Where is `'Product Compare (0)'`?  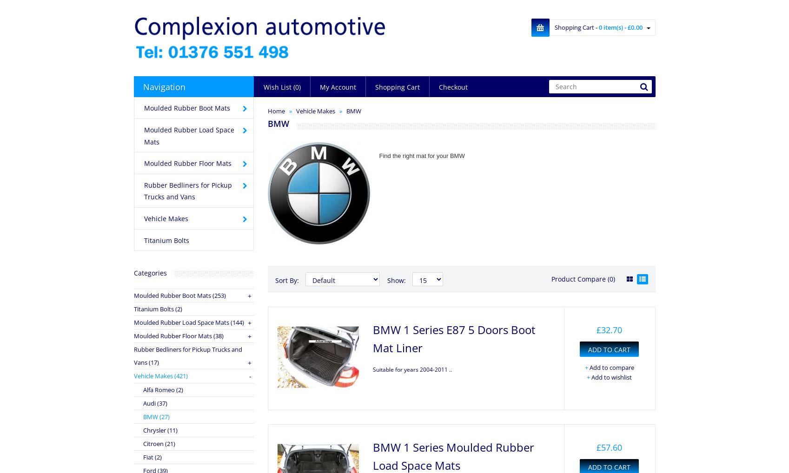 'Product Compare (0)' is located at coordinates (583, 279).